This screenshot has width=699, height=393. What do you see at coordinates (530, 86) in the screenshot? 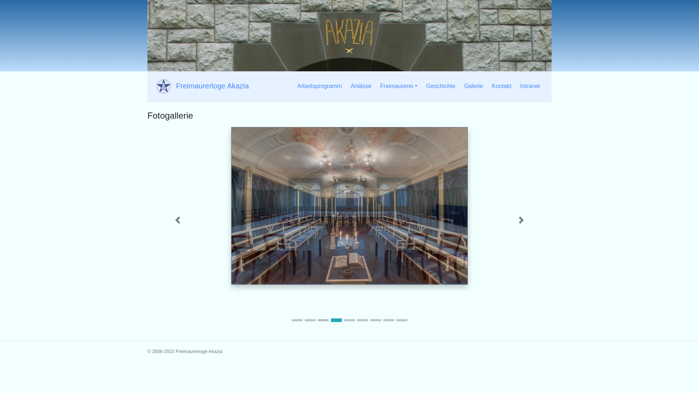
I see `'Intranet'` at bounding box center [530, 86].